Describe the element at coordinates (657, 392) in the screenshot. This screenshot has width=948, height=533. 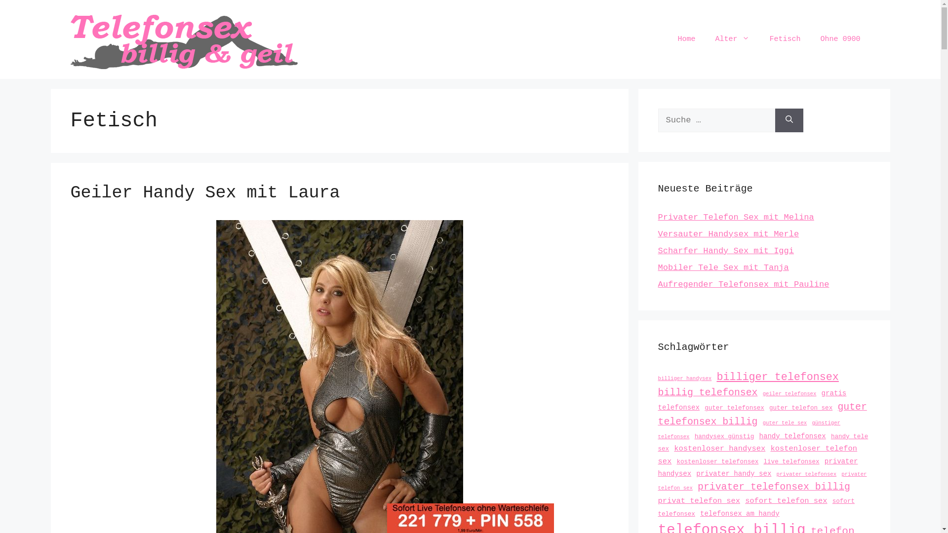
I see `'billig telefonsex'` at that location.